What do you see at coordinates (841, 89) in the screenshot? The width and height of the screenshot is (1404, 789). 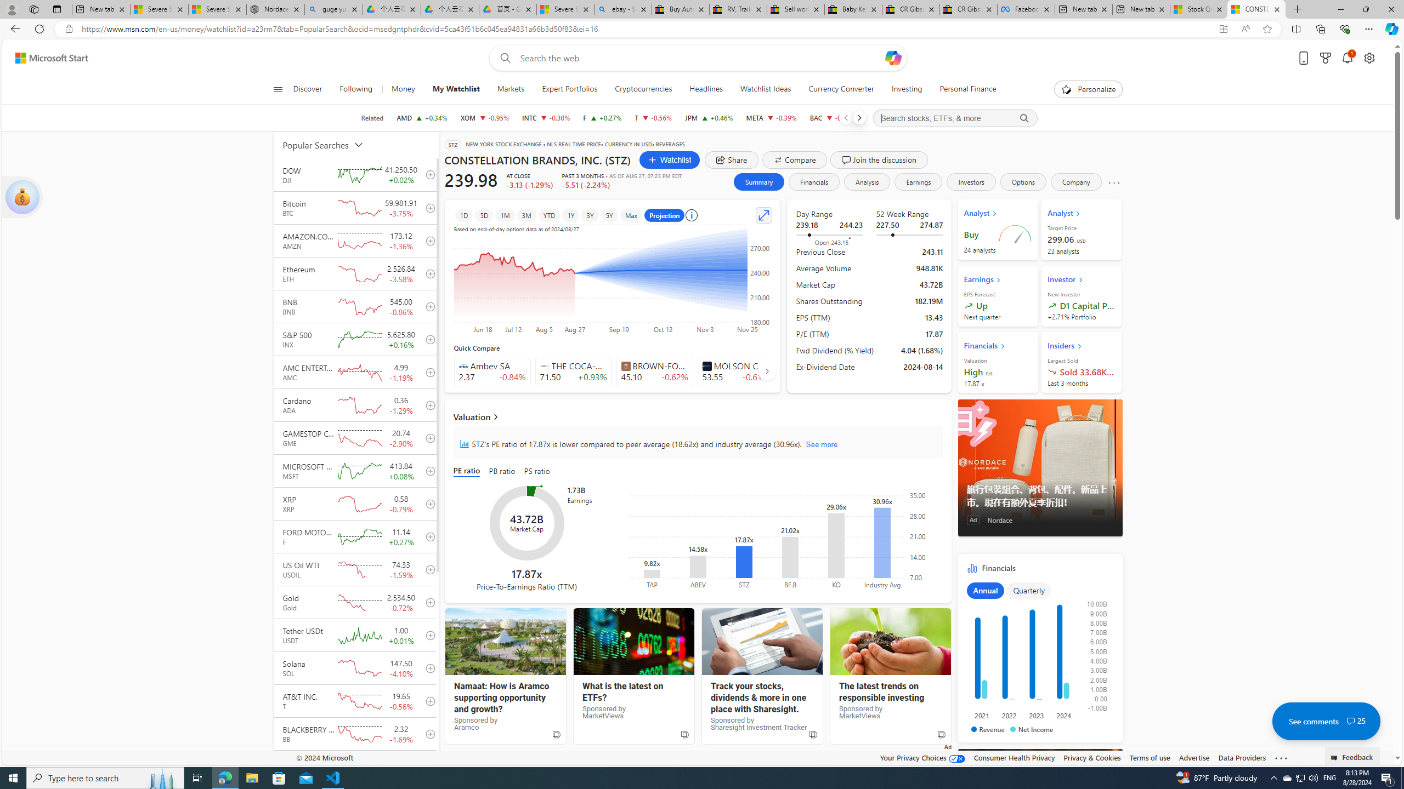 I see `'Currency Converter'` at bounding box center [841, 89].